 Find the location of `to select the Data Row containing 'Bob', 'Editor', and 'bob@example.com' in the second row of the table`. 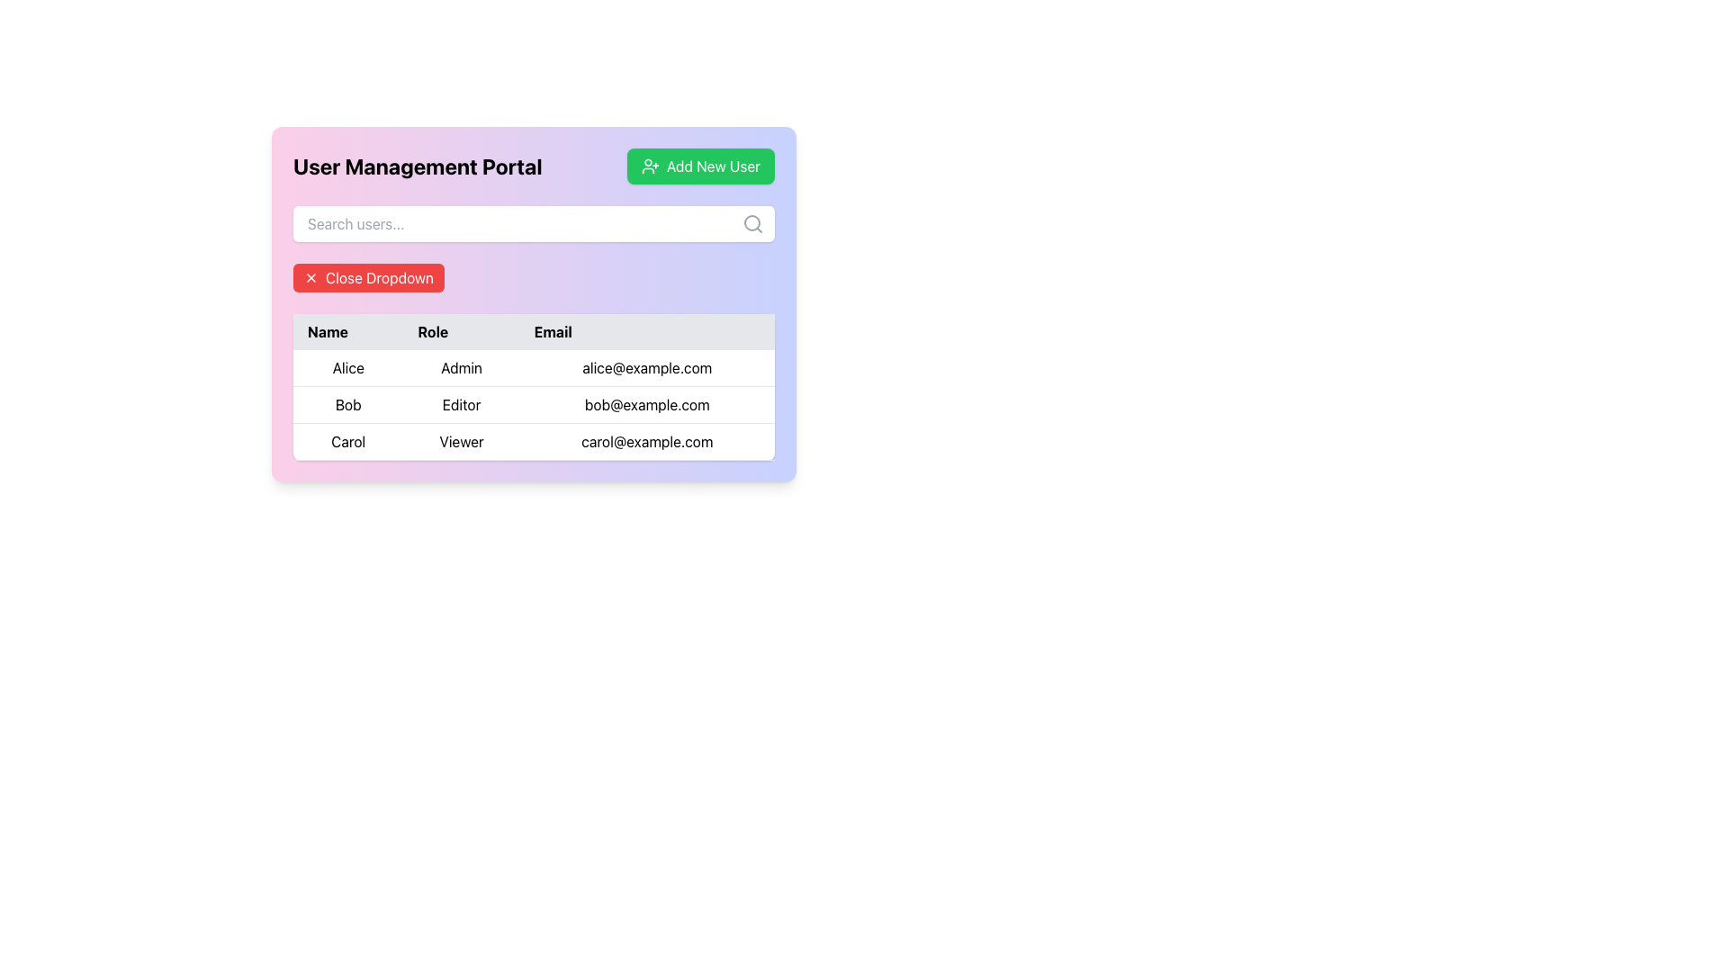

to select the Data Row containing 'Bob', 'Editor', and 'bob@example.com' in the second row of the table is located at coordinates (533, 405).